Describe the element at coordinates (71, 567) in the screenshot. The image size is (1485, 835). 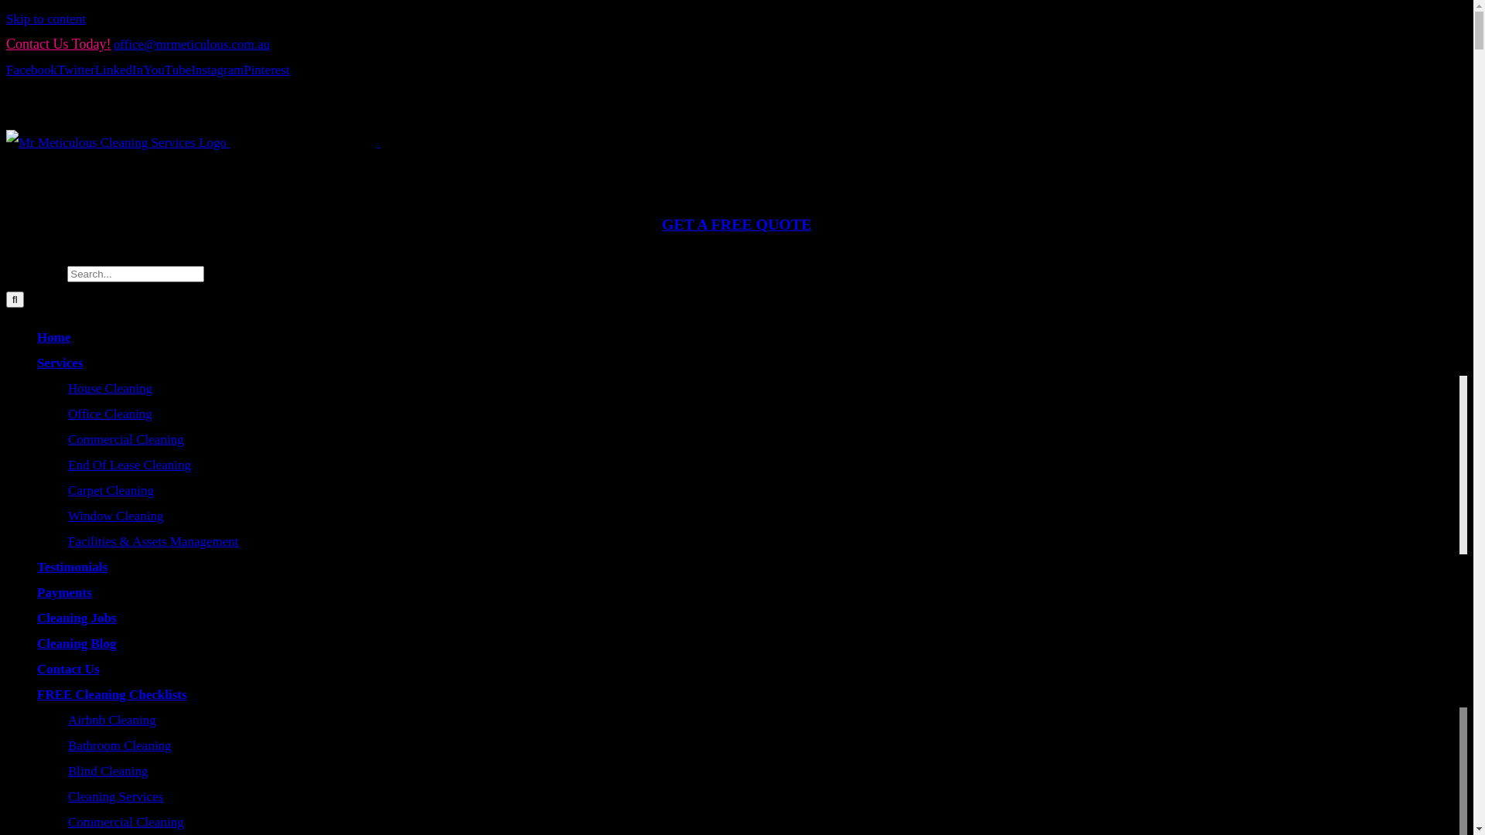
I see `'Testimonials'` at that location.